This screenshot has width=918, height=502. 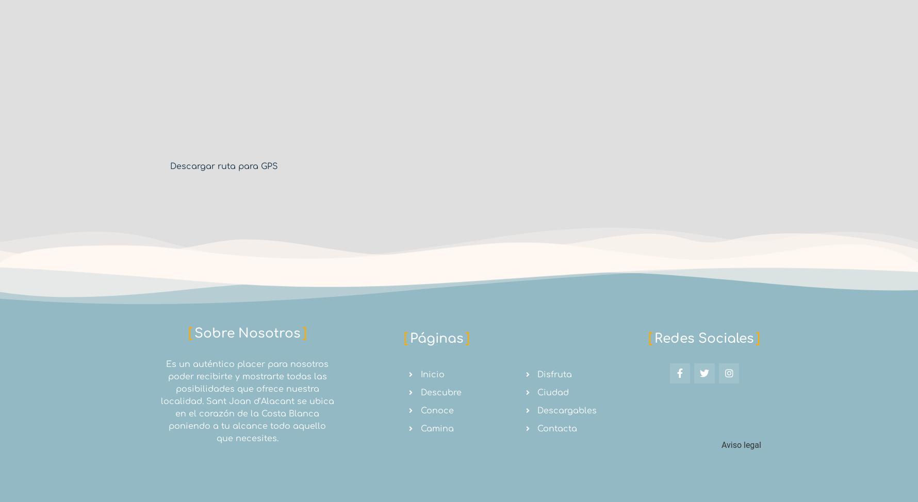 What do you see at coordinates (704, 338) in the screenshot?
I see `'Redes Sociales'` at bounding box center [704, 338].